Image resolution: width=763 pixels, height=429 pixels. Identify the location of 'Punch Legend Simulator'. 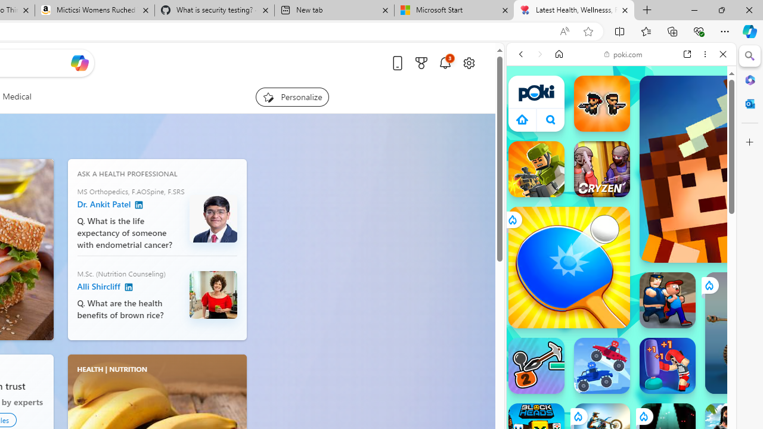
(668, 365).